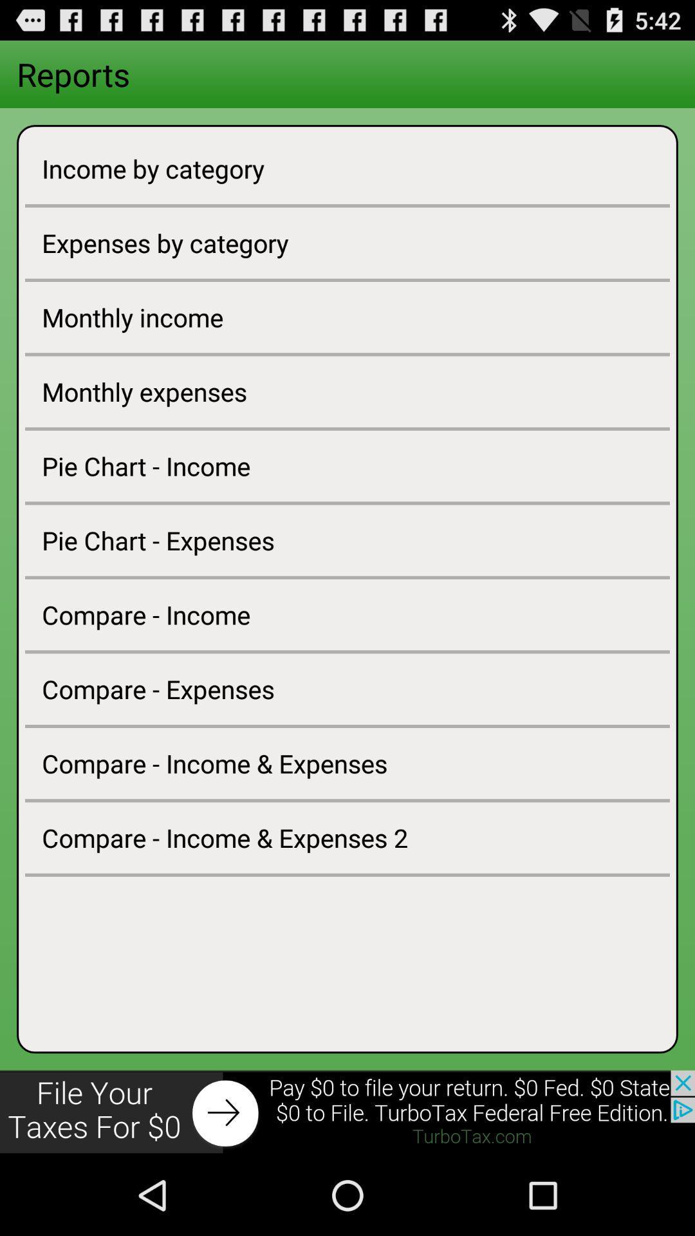 The width and height of the screenshot is (695, 1236). What do you see at coordinates (347, 1112) in the screenshot?
I see `advertisement banner` at bounding box center [347, 1112].